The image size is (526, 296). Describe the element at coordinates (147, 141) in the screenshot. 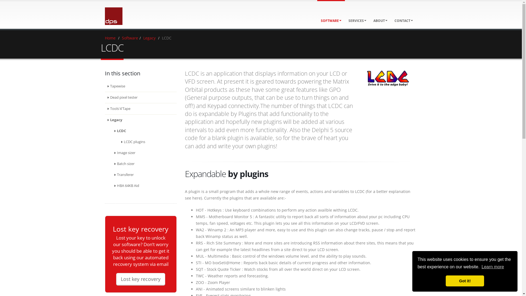

I see `'LCDC plugins'` at that location.